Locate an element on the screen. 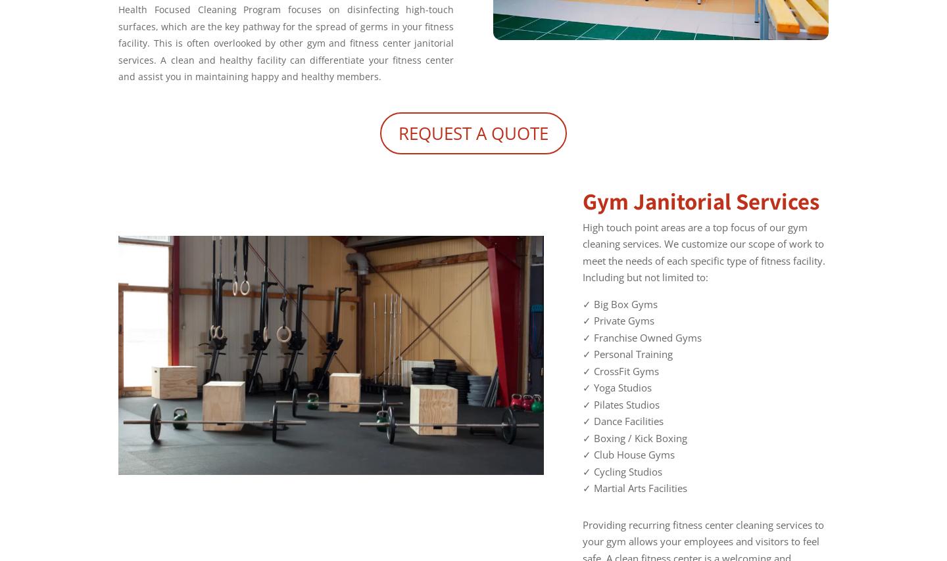 The height and width of the screenshot is (561, 947). 'REQUEST A QUOTE' is located at coordinates (473, 131).